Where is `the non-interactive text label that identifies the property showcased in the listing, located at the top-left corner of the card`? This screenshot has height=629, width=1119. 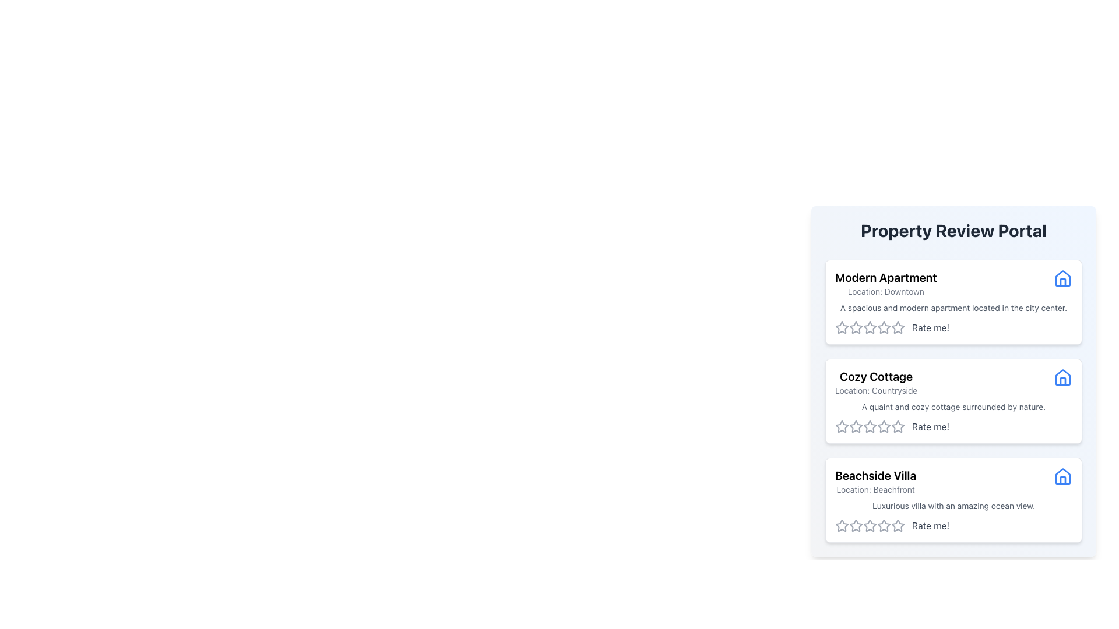
the non-interactive text label that identifies the property showcased in the listing, located at the top-left corner of the card is located at coordinates (886, 278).